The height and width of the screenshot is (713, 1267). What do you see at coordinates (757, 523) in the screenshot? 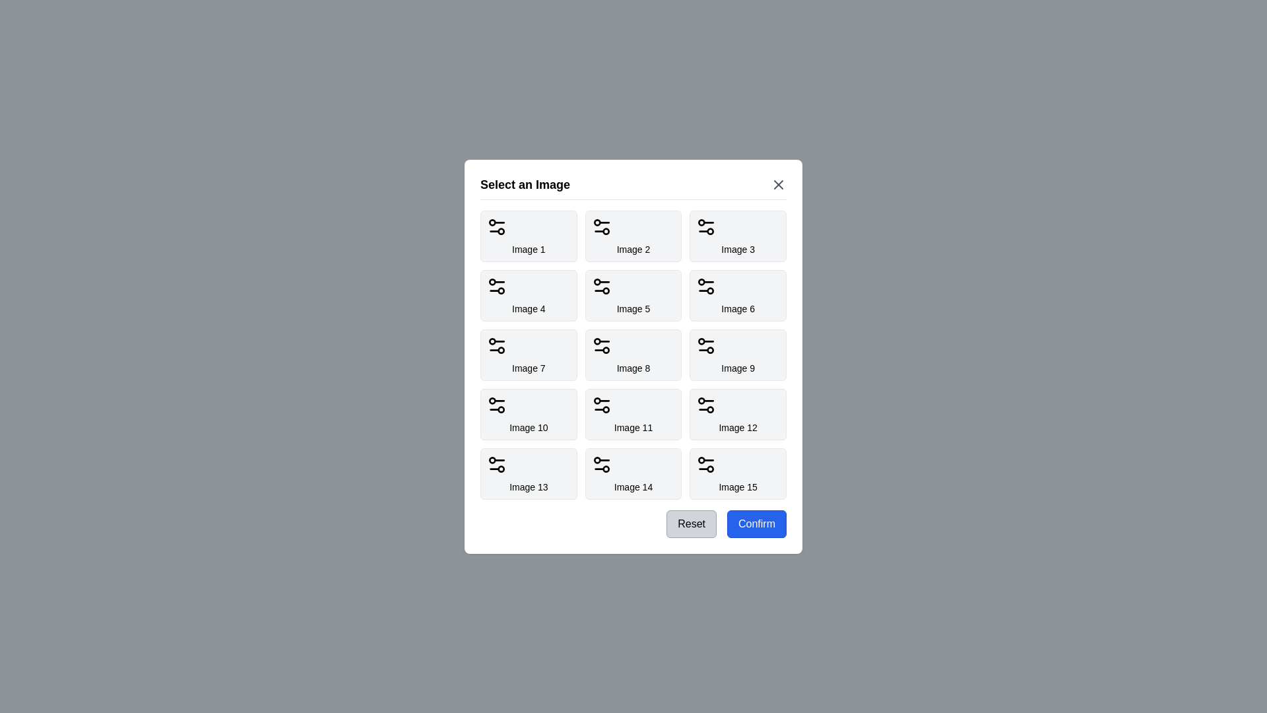
I see `the 'Confirm' button to confirm the selected image` at bounding box center [757, 523].